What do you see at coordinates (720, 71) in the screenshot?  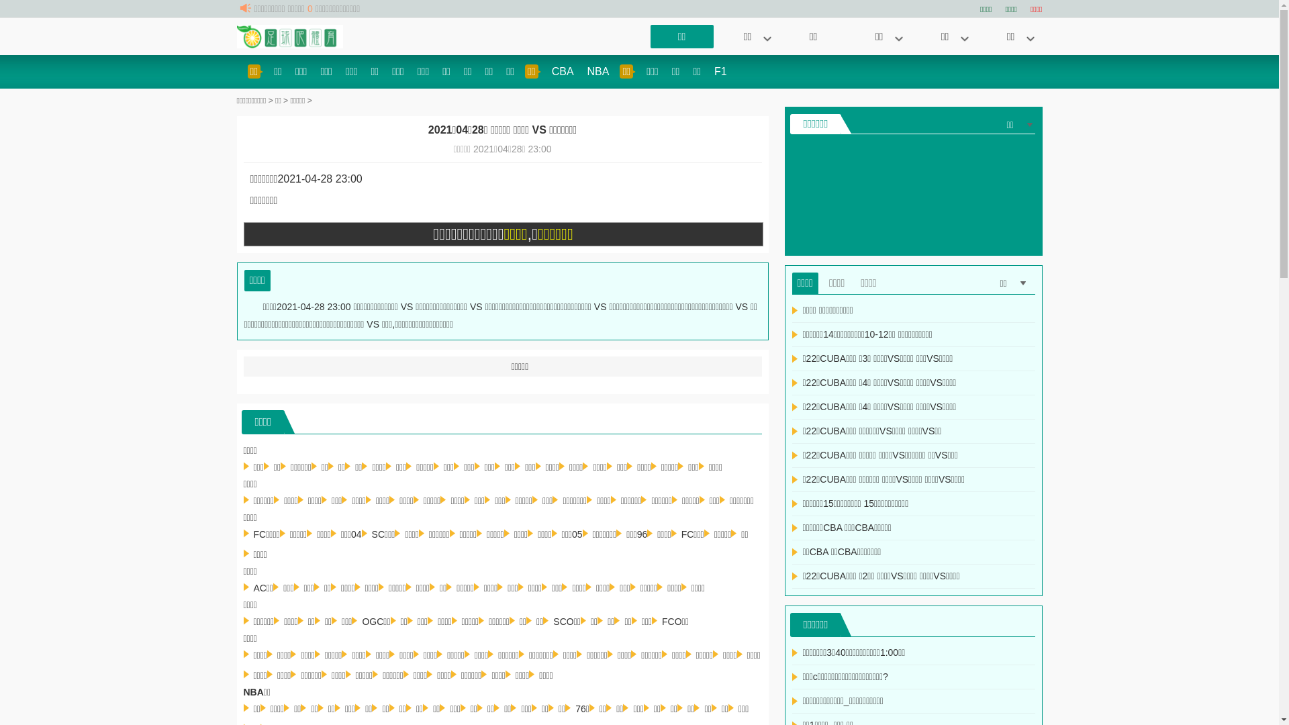 I see `'F1'` at bounding box center [720, 71].